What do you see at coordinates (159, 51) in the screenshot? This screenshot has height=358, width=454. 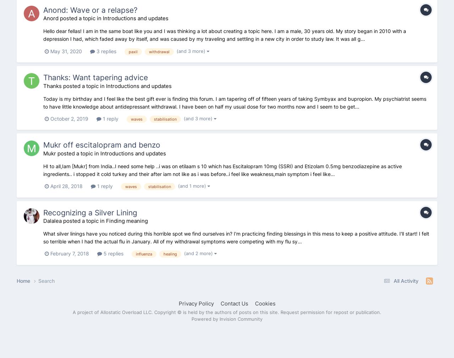 I see `'withdrawal'` at bounding box center [159, 51].